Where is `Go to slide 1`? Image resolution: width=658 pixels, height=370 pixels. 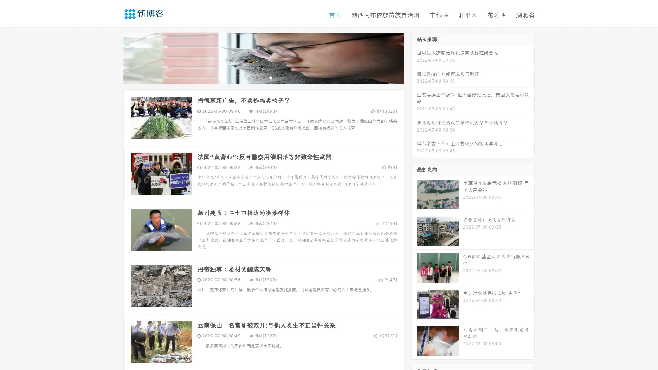
Go to slide 1 is located at coordinates (256, 77).